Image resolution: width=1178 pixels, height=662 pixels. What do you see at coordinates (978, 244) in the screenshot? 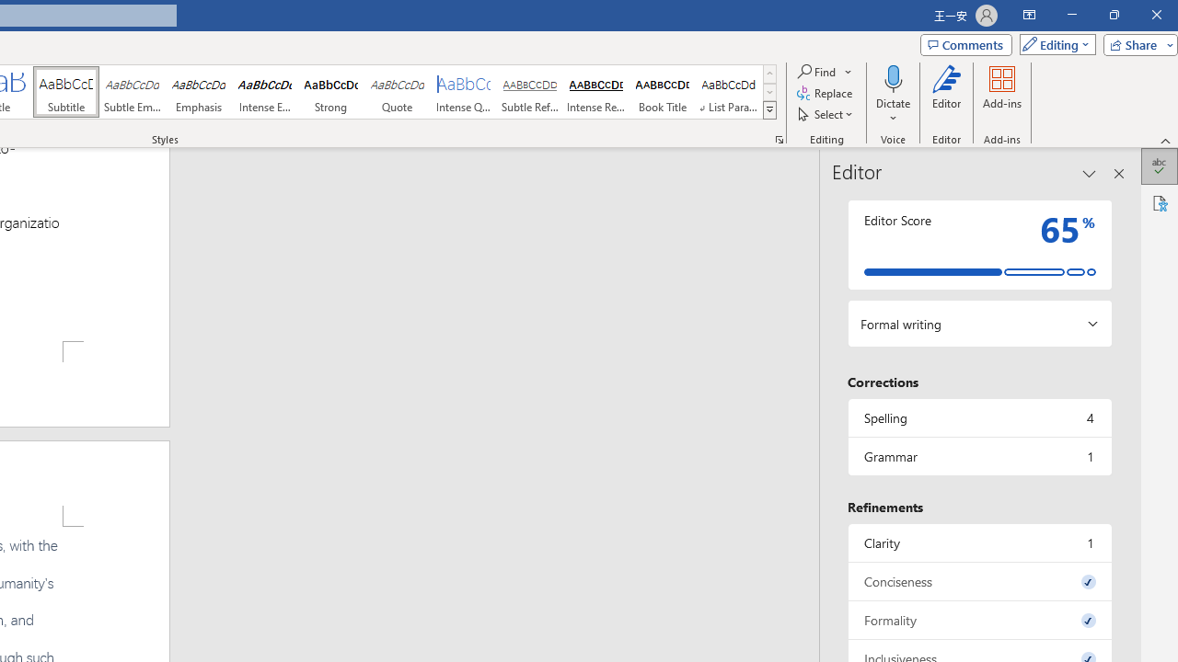
I see `'Editor Score 65%'` at bounding box center [978, 244].